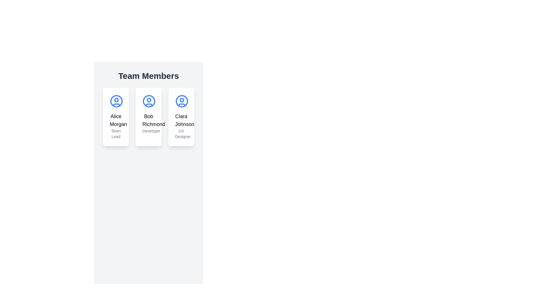  I want to click on the Profile card for 'Bob Richmond', which has a light gray background, a blue circular icon at the top, and the text 'Bob Richmond' followed by 'Developer', so click(149, 116).